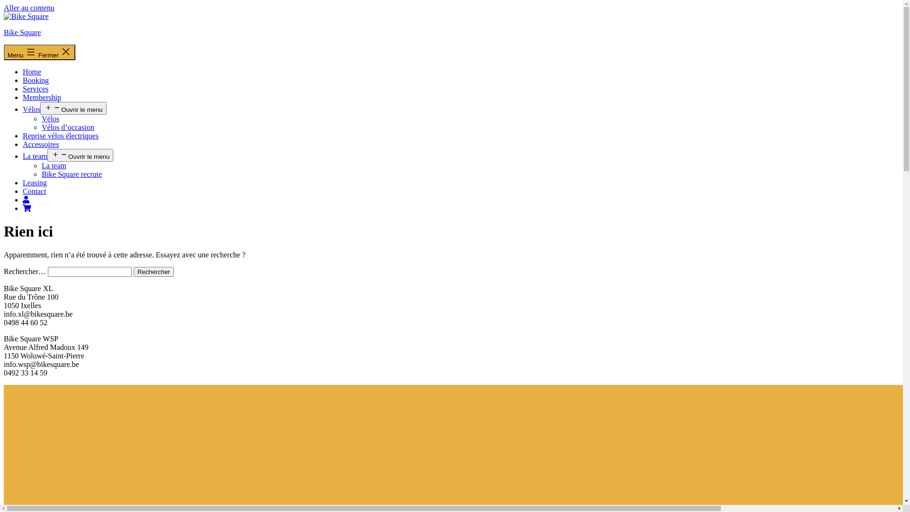  Describe the element at coordinates (35, 155) in the screenshot. I see `'La team'` at that location.